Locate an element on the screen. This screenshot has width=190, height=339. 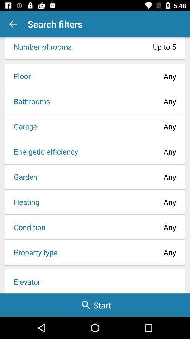
icon next to any item is located at coordinates (29, 101).